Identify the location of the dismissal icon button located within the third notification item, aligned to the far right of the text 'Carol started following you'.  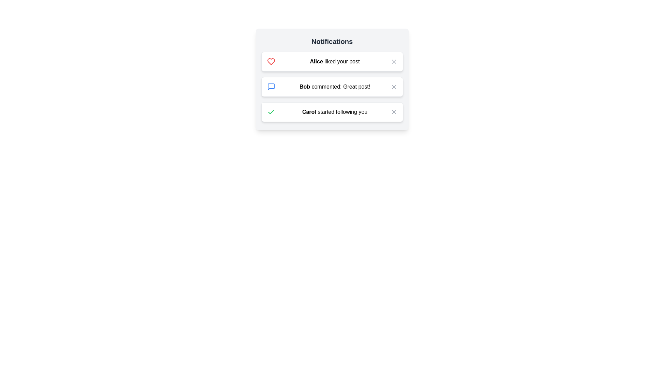
(394, 111).